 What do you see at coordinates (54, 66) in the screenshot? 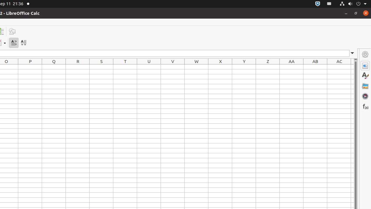
I see `'Q1'` at bounding box center [54, 66].